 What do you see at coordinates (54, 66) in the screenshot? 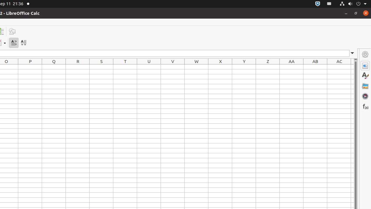
I see `'Q1'` at bounding box center [54, 66].